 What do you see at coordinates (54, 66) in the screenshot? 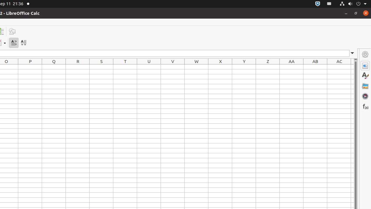
I see `'Q1'` at bounding box center [54, 66].